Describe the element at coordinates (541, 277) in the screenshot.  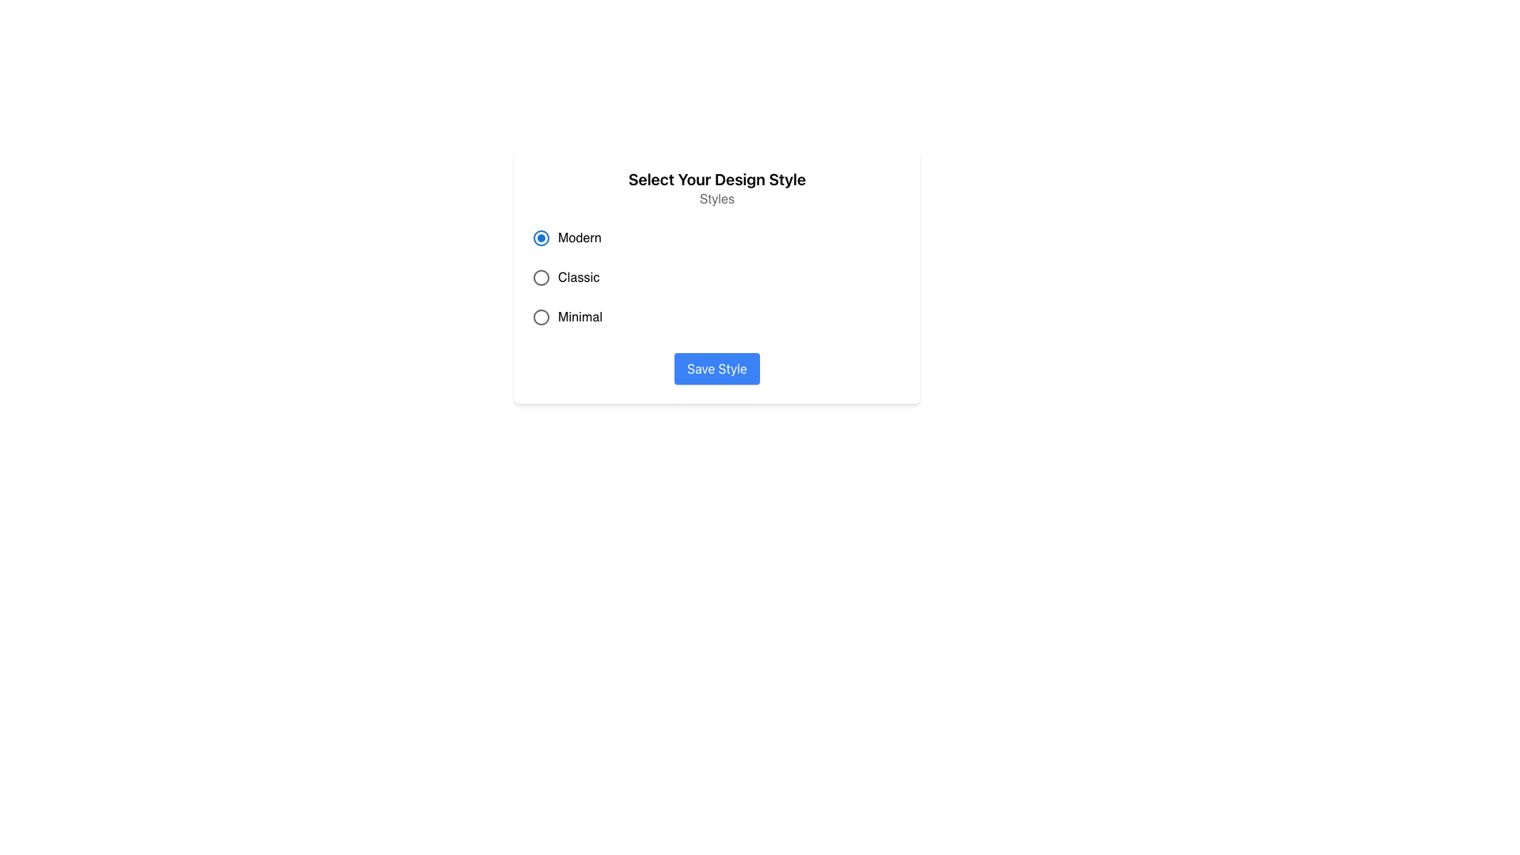
I see `the 'Classic' style radio button` at that location.